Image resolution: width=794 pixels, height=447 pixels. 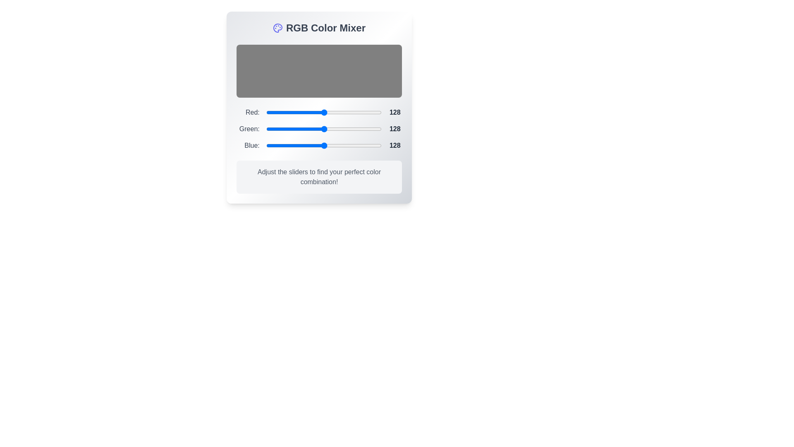 What do you see at coordinates (375, 113) in the screenshot?
I see `the 0 slider to a value of 232` at bounding box center [375, 113].